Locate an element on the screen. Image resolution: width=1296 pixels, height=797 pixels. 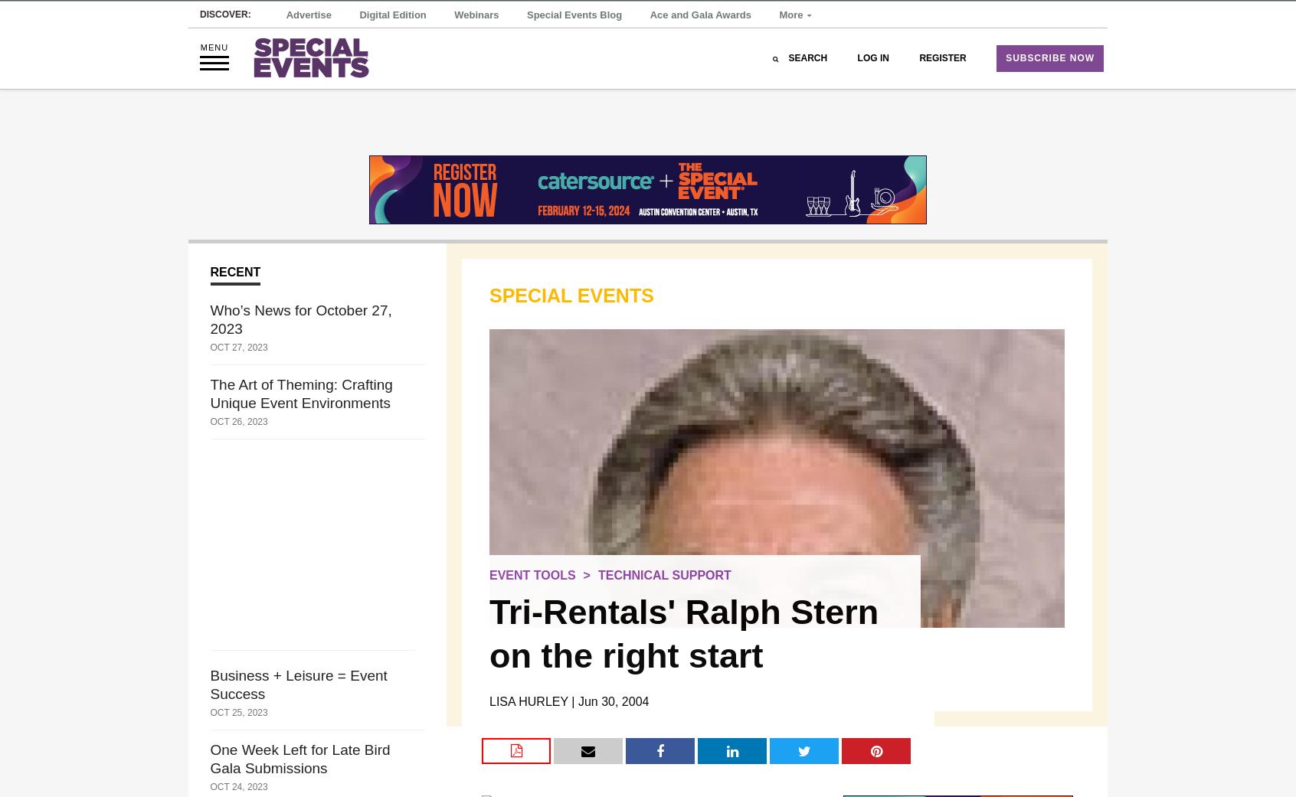
'Log In' is located at coordinates (872, 90).